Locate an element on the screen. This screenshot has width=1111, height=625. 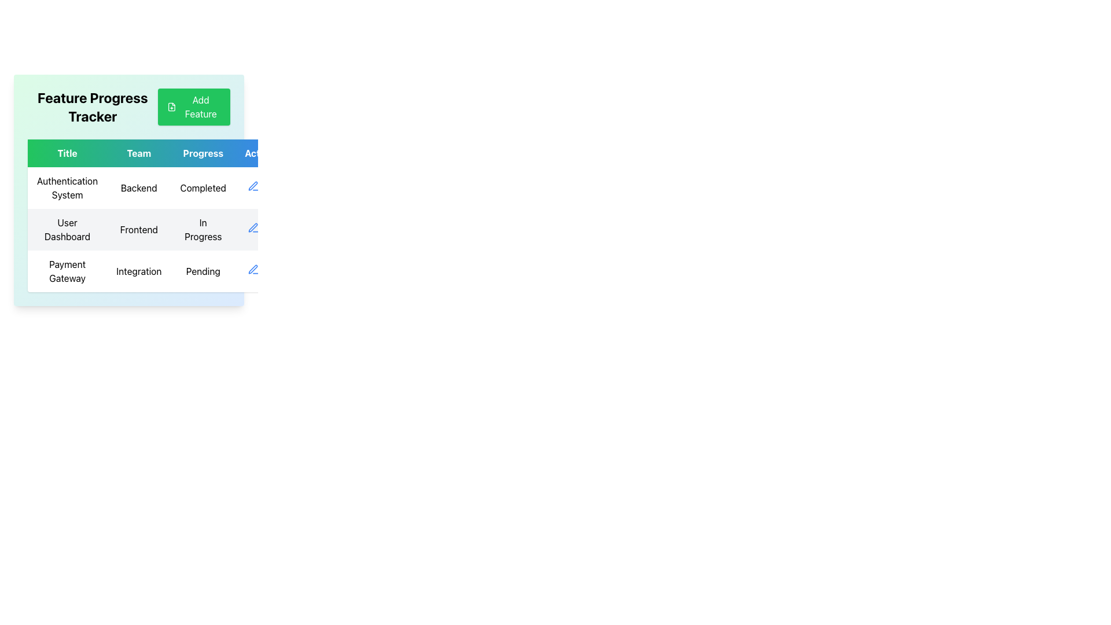
the icon located on the leftmost part of the green 'Add Feature' button to trigger a tooltip or visual feedback is located at coordinates (171, 107).